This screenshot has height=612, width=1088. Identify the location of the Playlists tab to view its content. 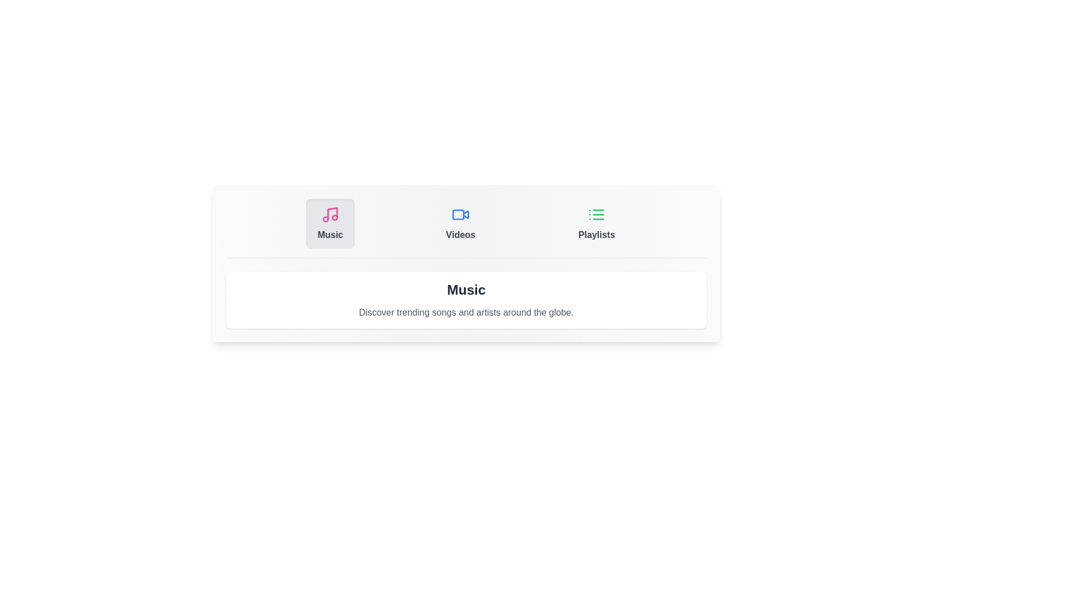
(596, 223).